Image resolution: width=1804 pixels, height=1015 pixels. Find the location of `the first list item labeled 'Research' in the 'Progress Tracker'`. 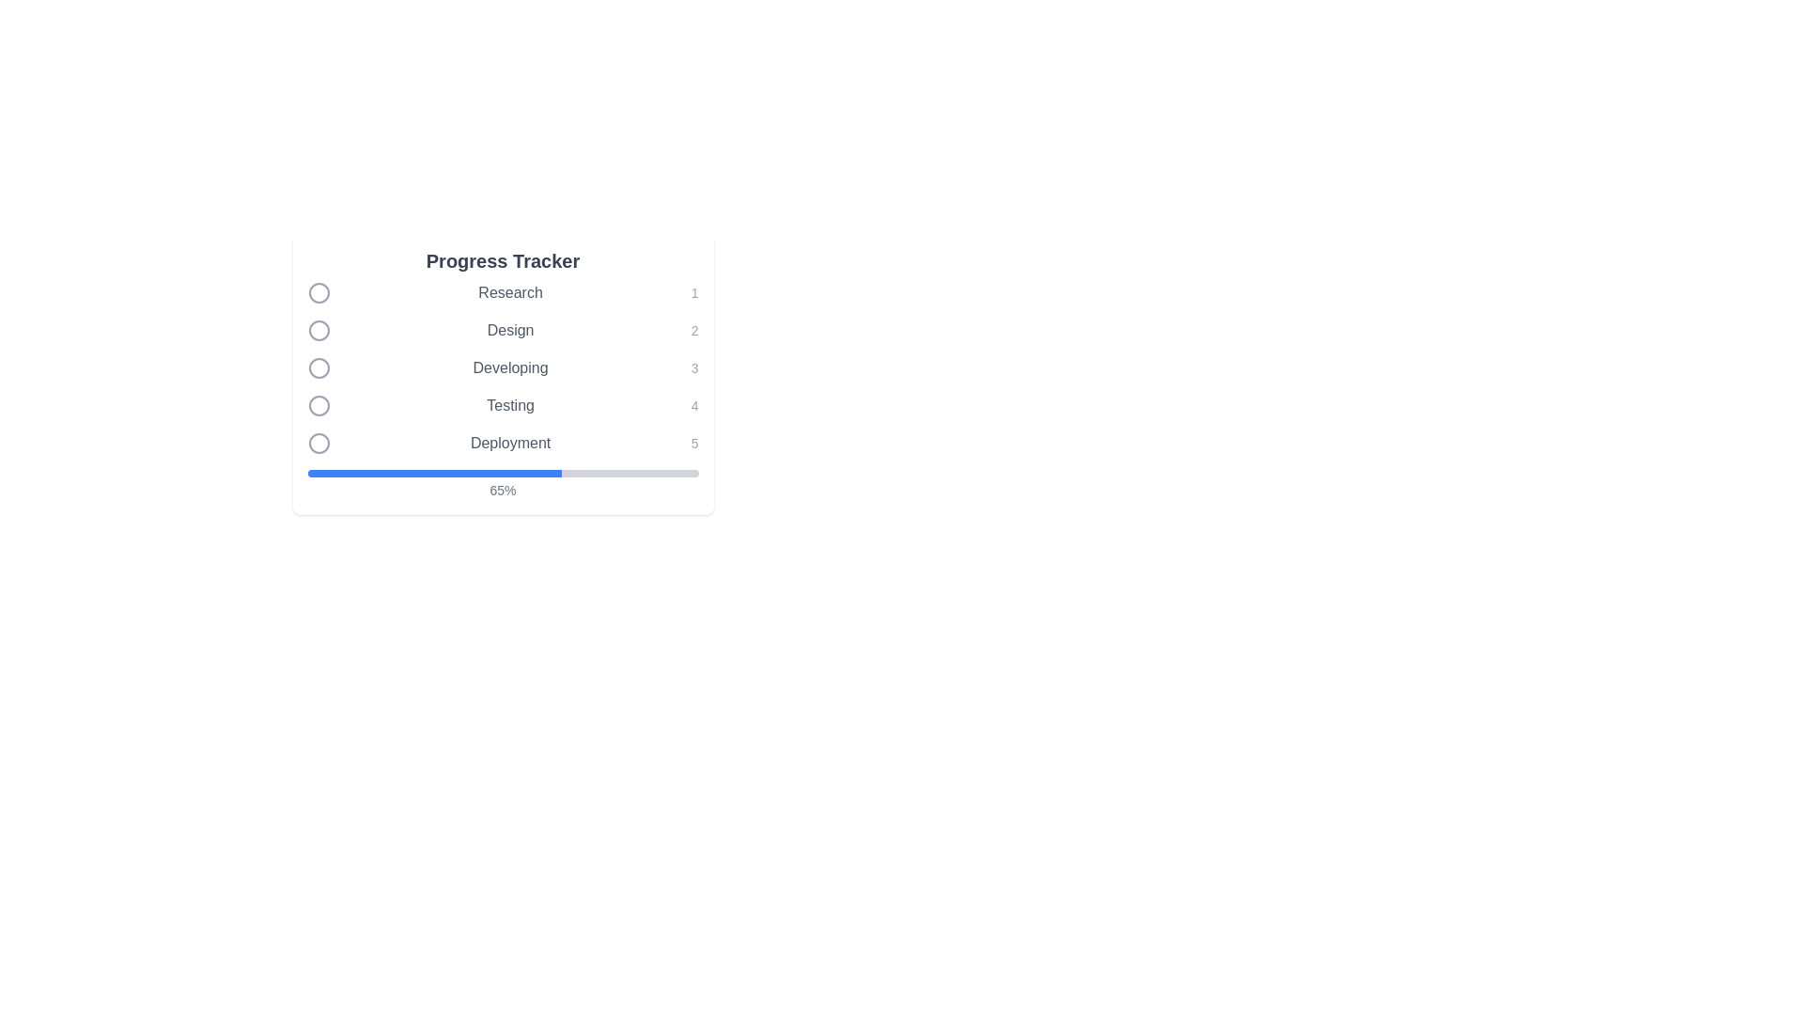

the first list item labeled 'Research' in the 'Progress Tracker' is located at coordinates (503, 293).